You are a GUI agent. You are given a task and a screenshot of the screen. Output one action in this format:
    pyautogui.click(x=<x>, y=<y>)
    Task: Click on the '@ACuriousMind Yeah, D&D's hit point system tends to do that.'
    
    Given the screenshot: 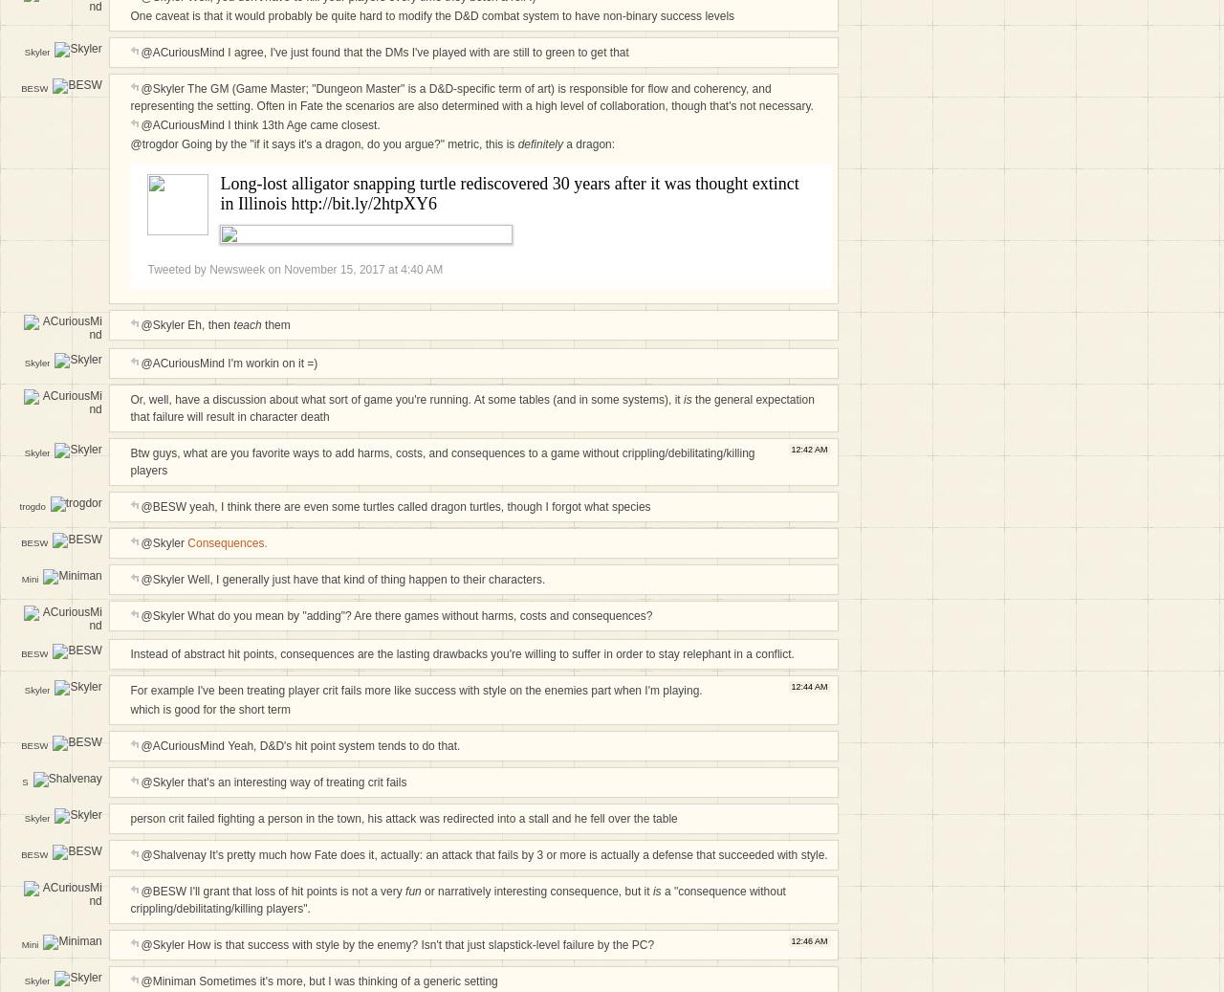 What is the action you would take?
    pyautogui.click(x=298, y=744)
    